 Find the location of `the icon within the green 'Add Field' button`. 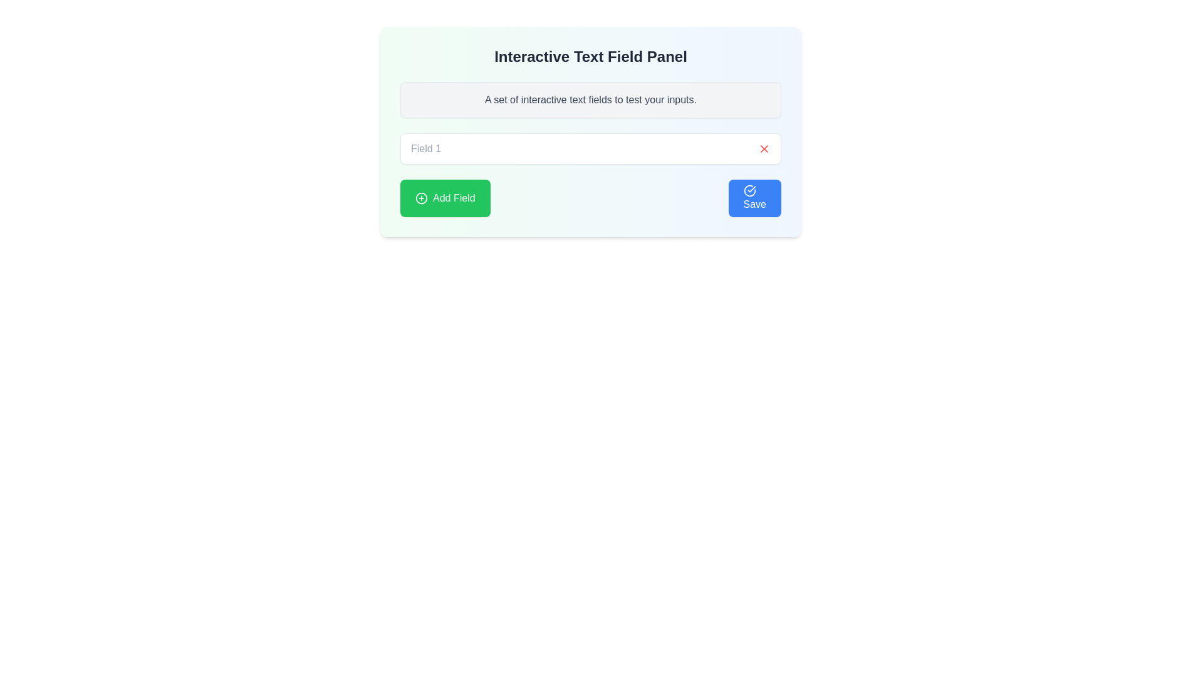

the icon within the green 'Add Field' button is located at coordinates (421, 197).